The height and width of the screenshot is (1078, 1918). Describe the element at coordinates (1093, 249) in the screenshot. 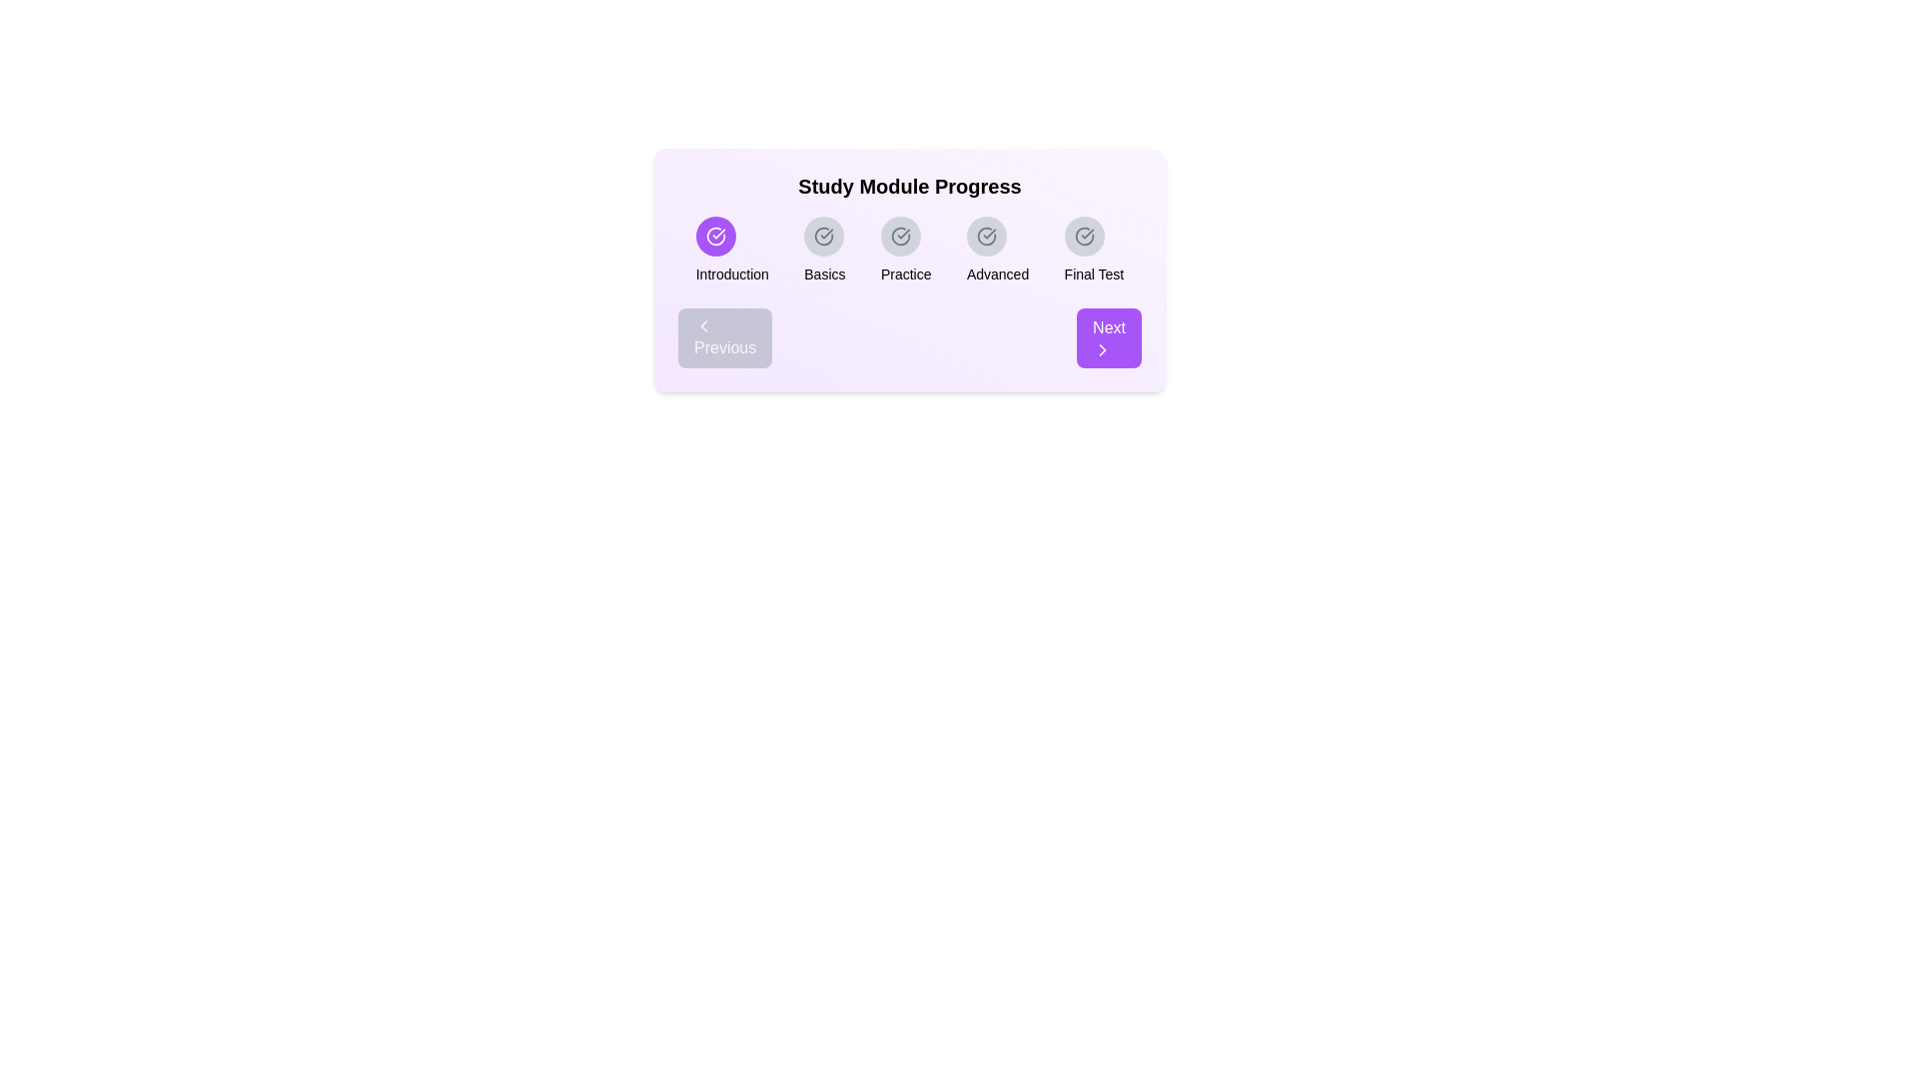

I see `the 'Final Test' milestone indicator icon located at the farthest right position in the study module progression group` at that location.